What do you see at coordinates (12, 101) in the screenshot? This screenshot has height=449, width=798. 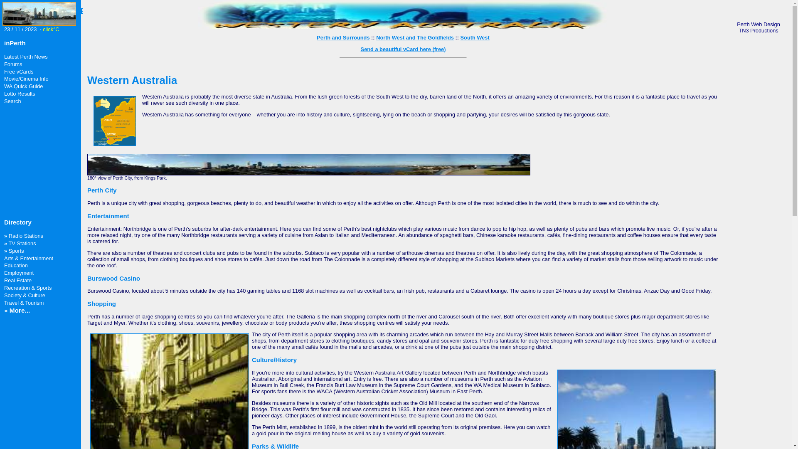 I see `'Search'` at bounding box center [12, 101].